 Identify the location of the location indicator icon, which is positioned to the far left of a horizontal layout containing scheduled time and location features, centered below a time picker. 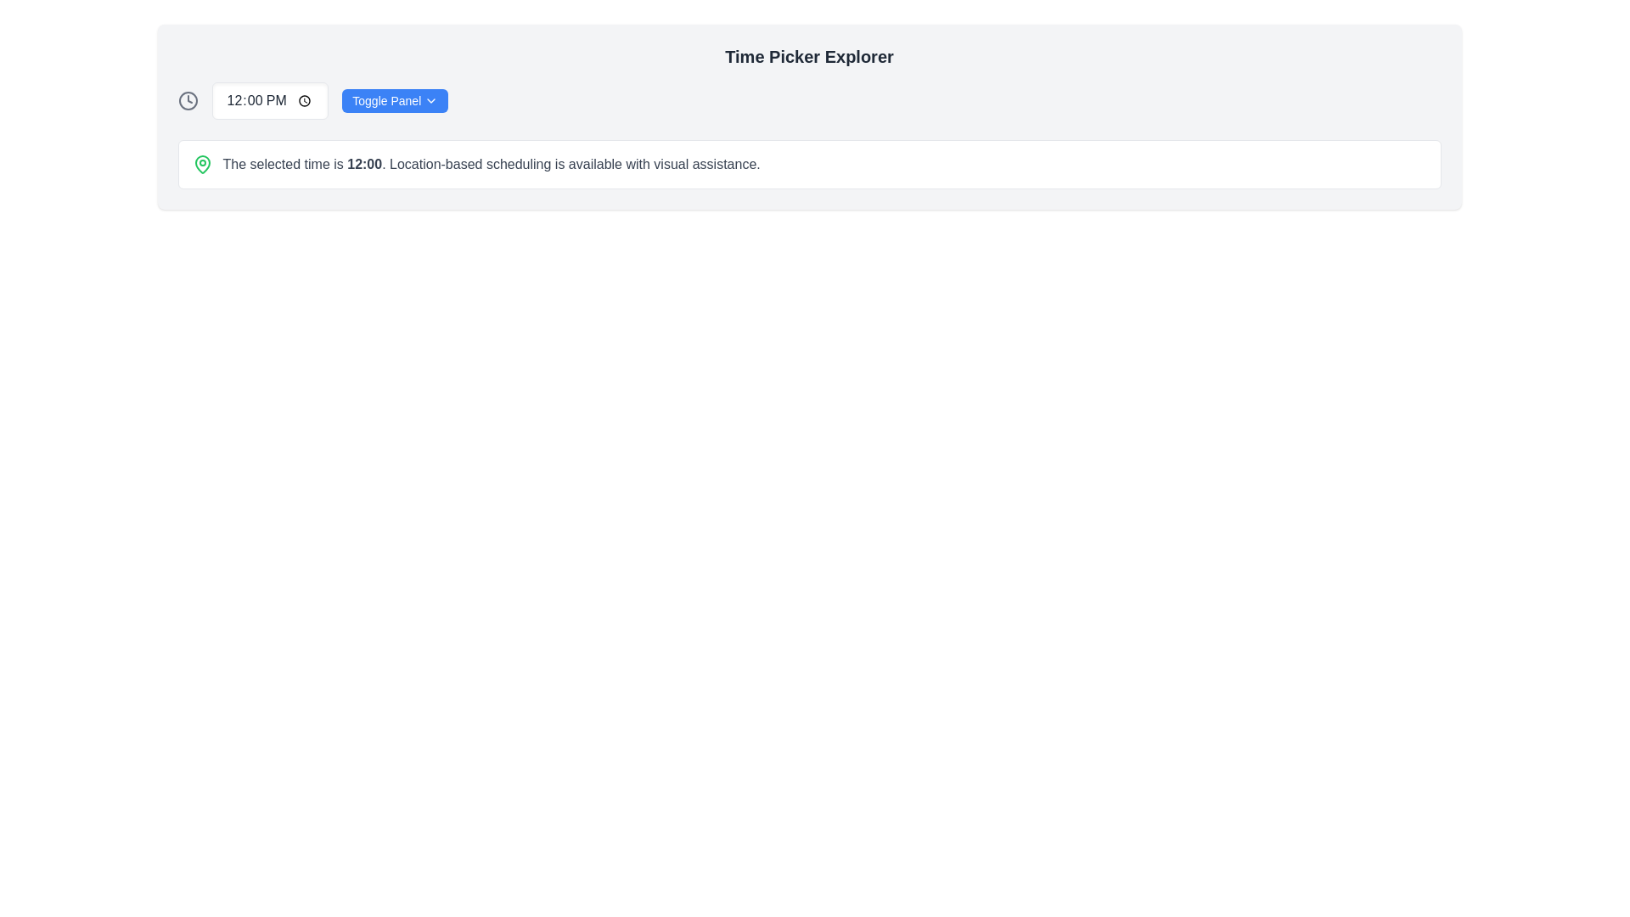
(202, 164).